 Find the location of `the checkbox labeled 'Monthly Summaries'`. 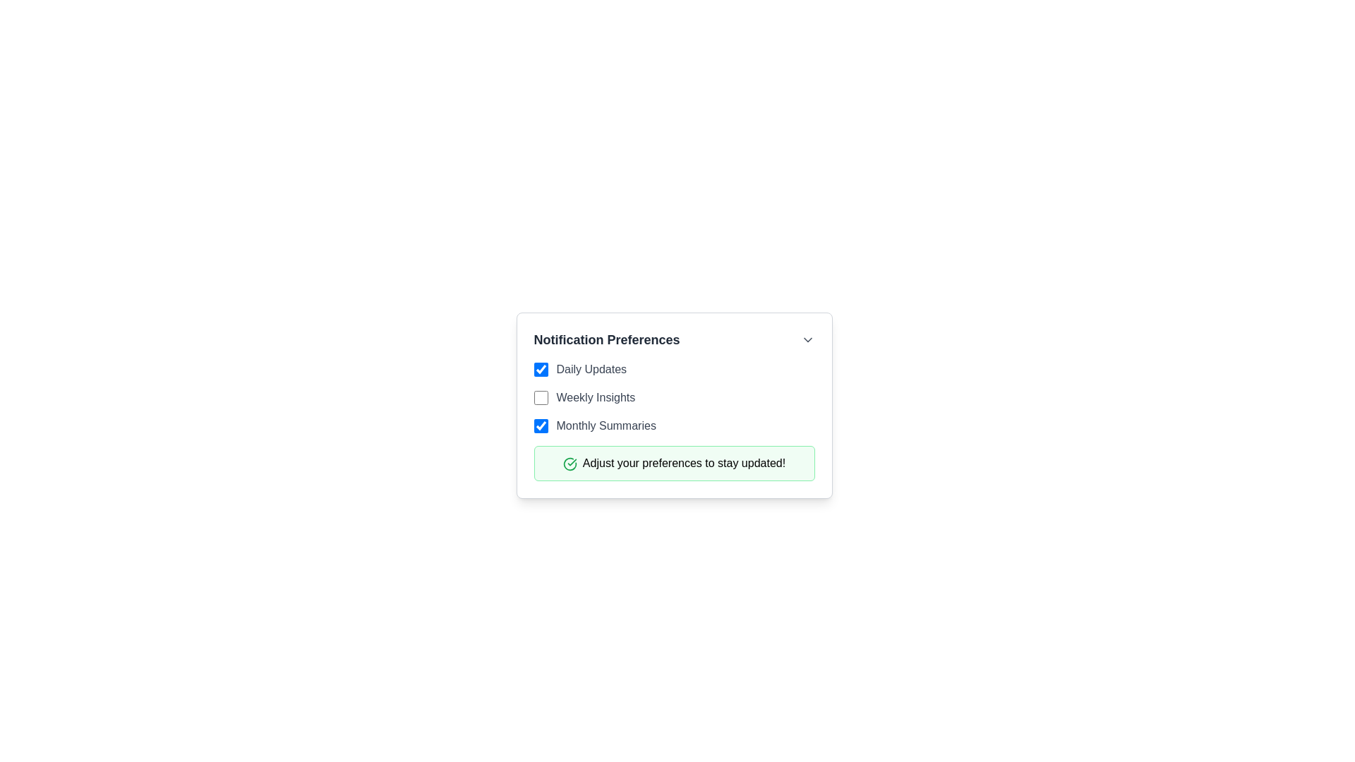

the checkbox labeled 'Monthly Summaries' is located at coordinates (673, 425).